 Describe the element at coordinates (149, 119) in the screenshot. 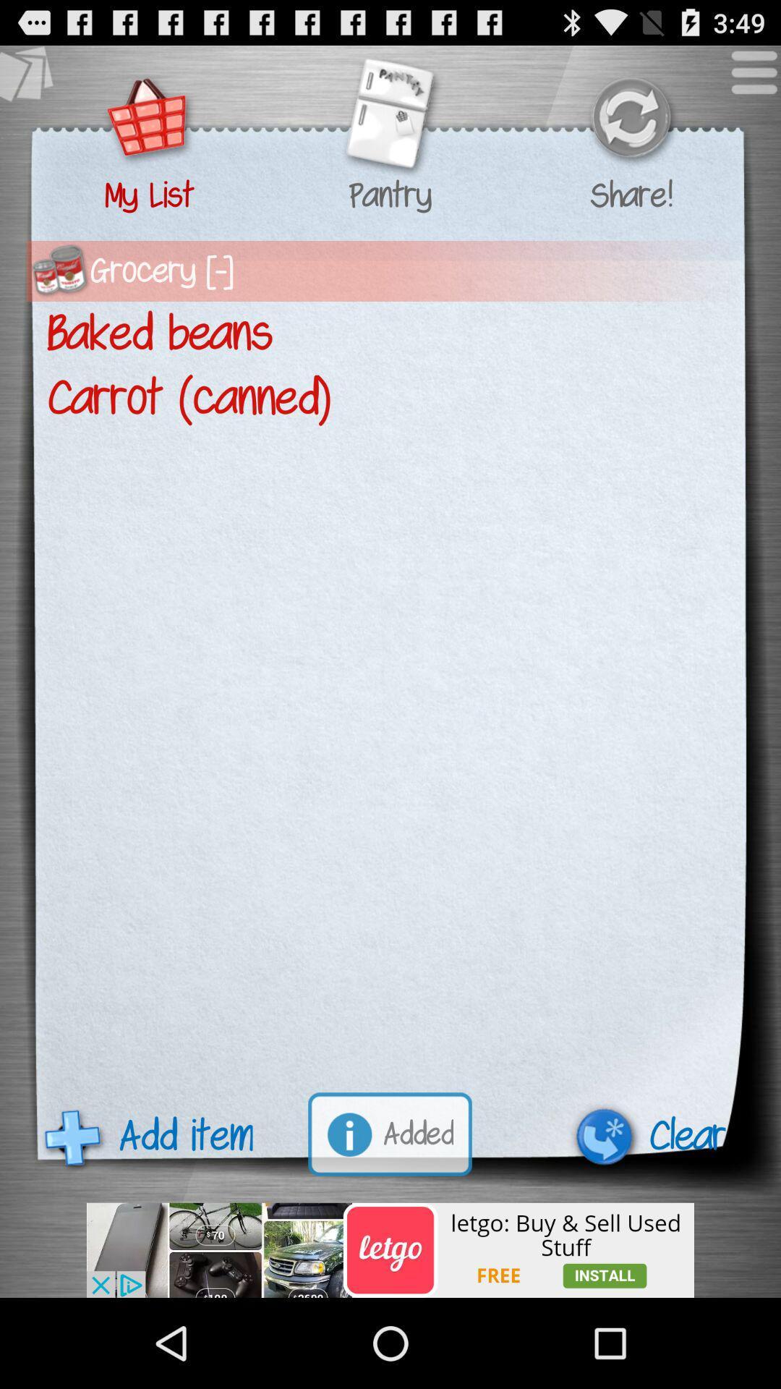

I see `see what 's on your list` at that location.